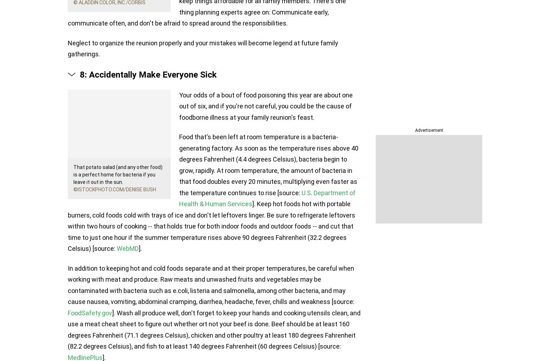  What do you see at coordinates (140, 248) in the screenshot?
I see `'].'` at bounding box center [140, 248].